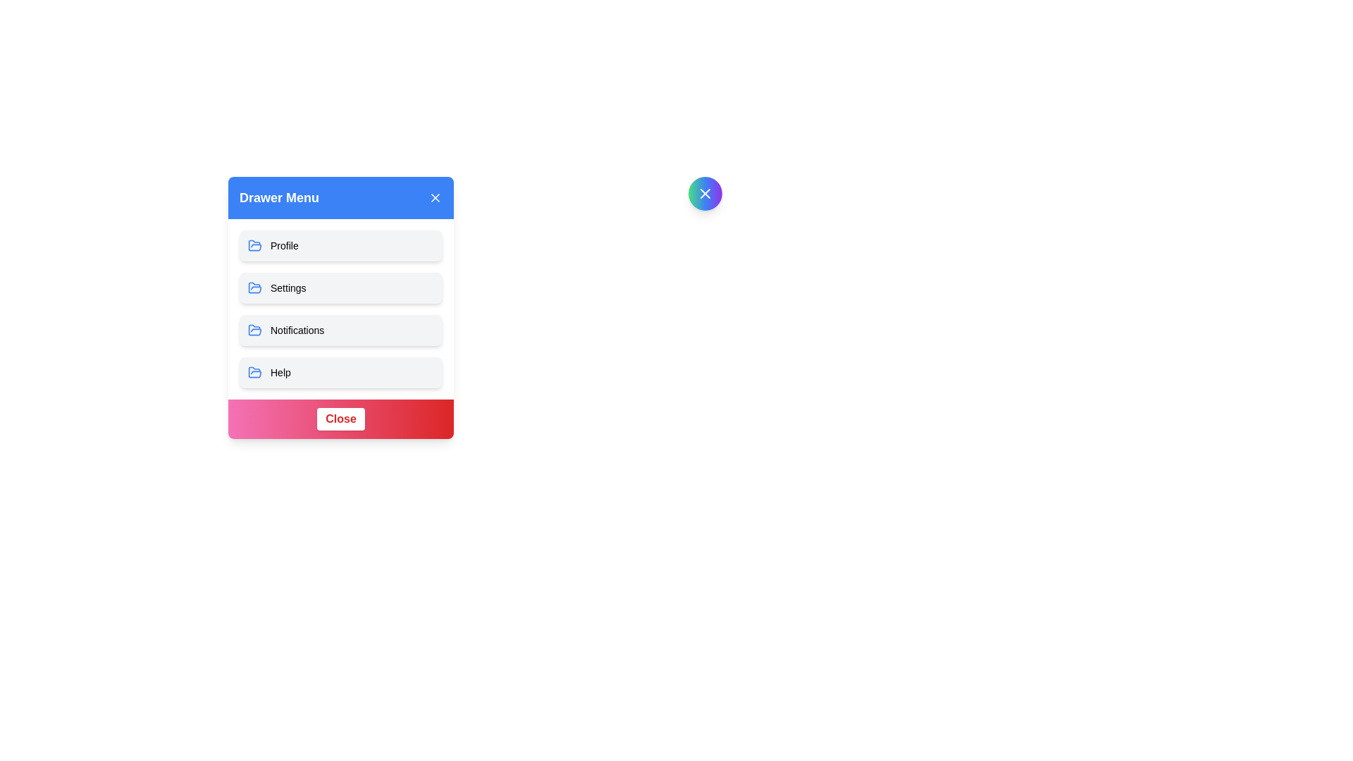  Describe the element at coordinates (254, 330) in the screenshot. I see `the first icon on the left side of the 'Notifications' item in the drawer menu options` at that location.